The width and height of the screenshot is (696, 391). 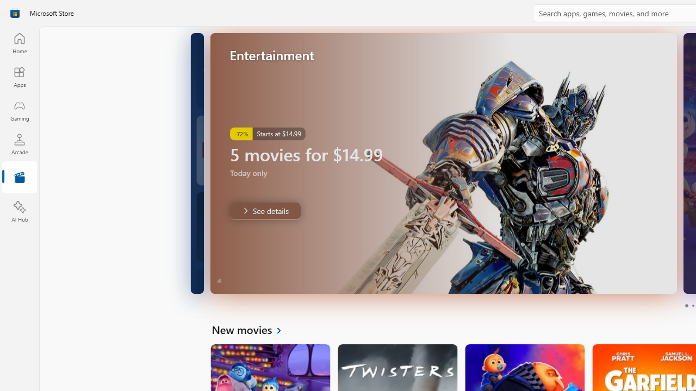 I want to click on 'Apps', so click(x=19, y=76).